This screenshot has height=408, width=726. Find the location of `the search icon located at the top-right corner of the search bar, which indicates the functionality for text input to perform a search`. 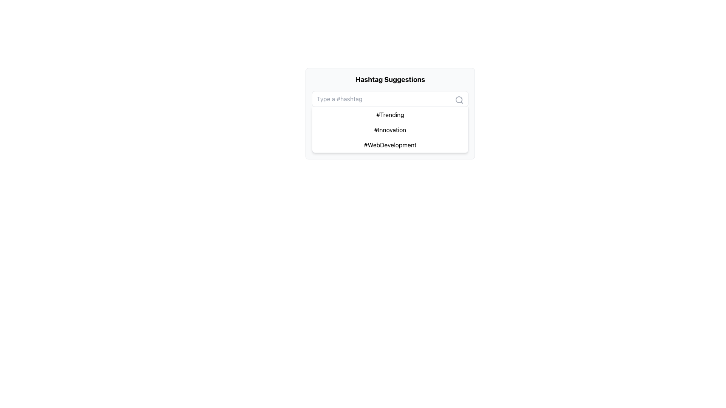

the search icon located at the top-right corner of the search bar, which indicates the functionality for text input to perform a search is located at coordinates (459, 100).